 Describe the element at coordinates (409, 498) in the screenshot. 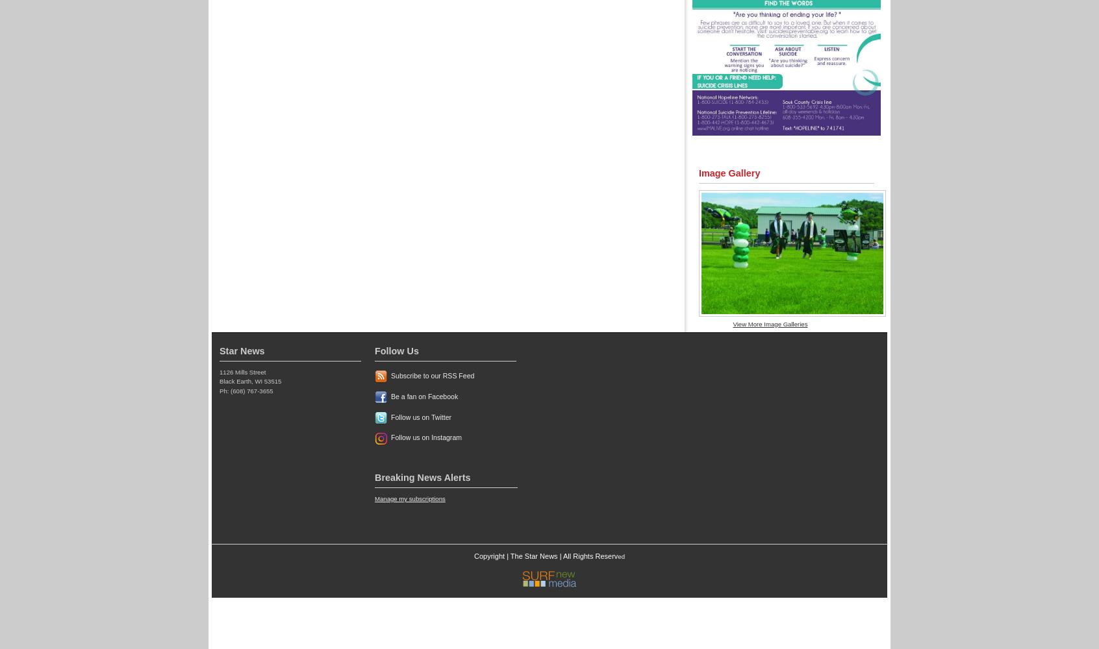

I see `'Manage my subscriptions'` at that location.